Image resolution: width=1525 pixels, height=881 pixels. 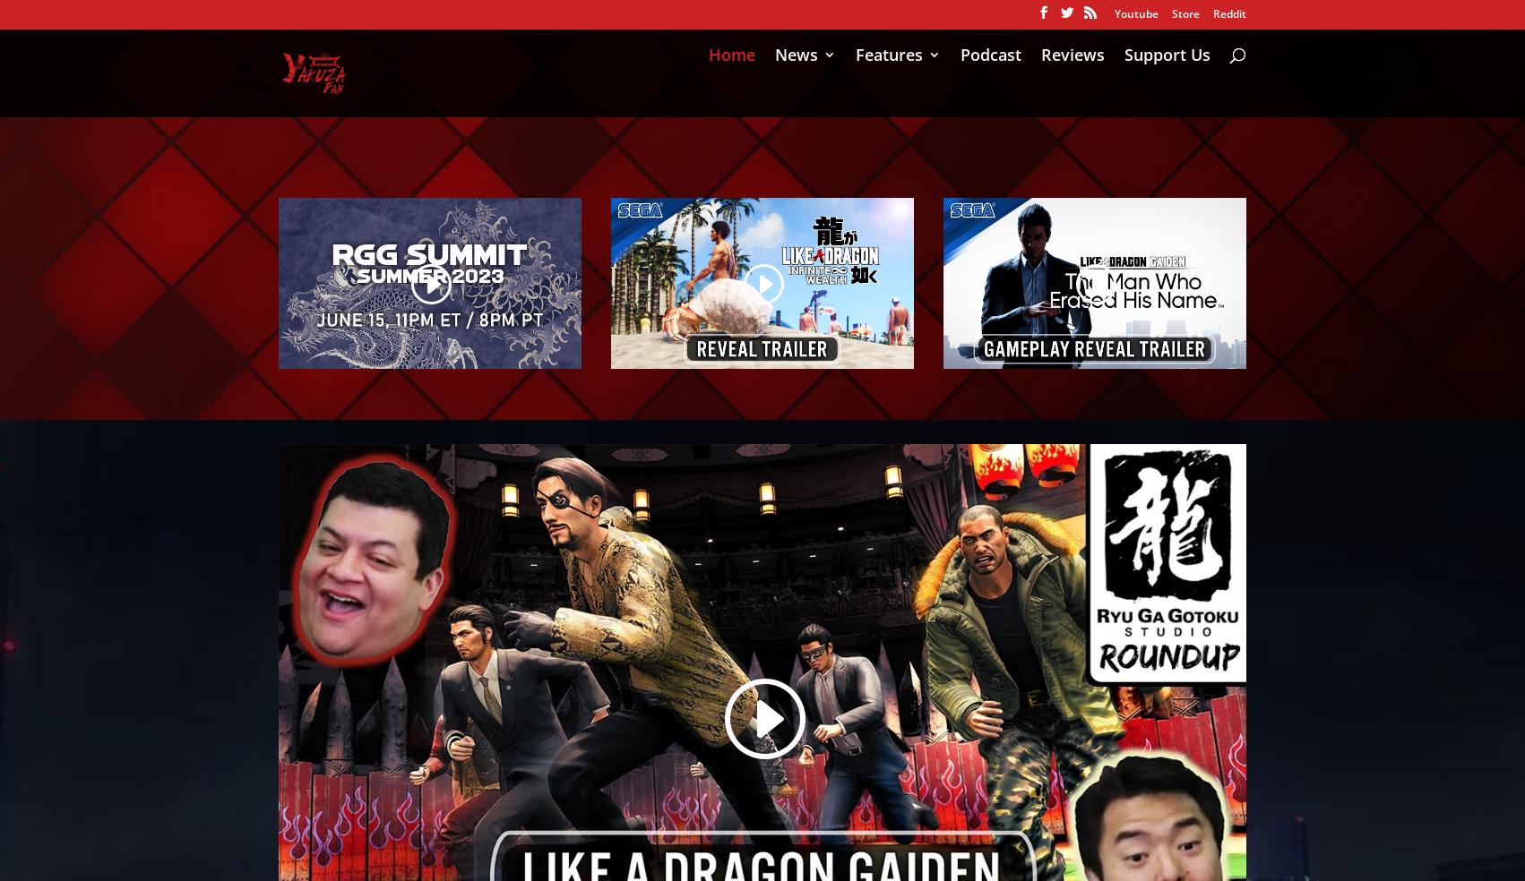 What do you see at coordinates (846, 263) in the screenshot?
I see `'Spin-Offs'` at bounding box center [846, 263].